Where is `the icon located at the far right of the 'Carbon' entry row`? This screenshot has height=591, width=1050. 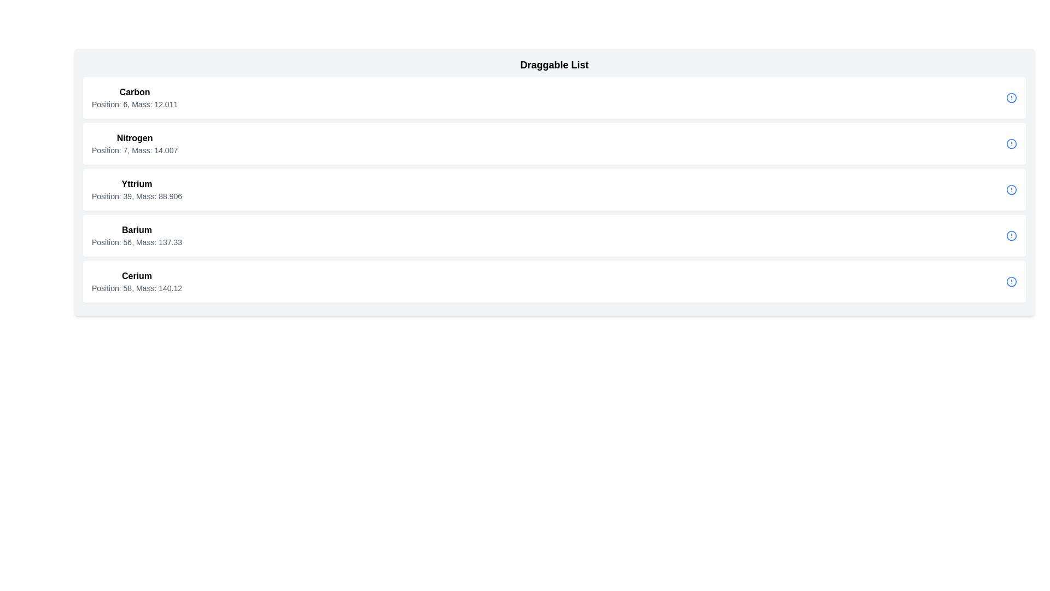
the icon located at the far right of the 'Carbon' entry row is located at coordinates (1011, 97).